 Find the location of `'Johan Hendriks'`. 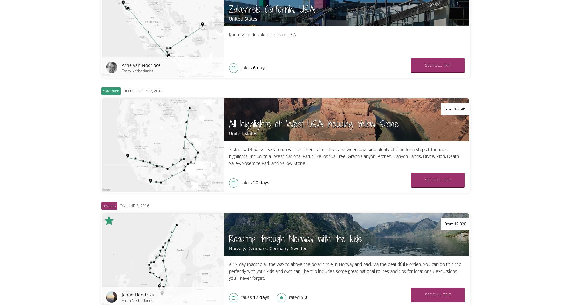

'Johan Hendriks' is located at coordinates (137, 294).